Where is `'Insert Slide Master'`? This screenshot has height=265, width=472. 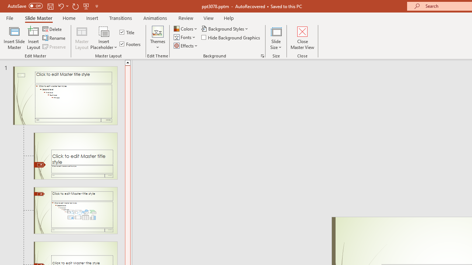 'Insert Slide Master' is located at coordinates (14, 38).